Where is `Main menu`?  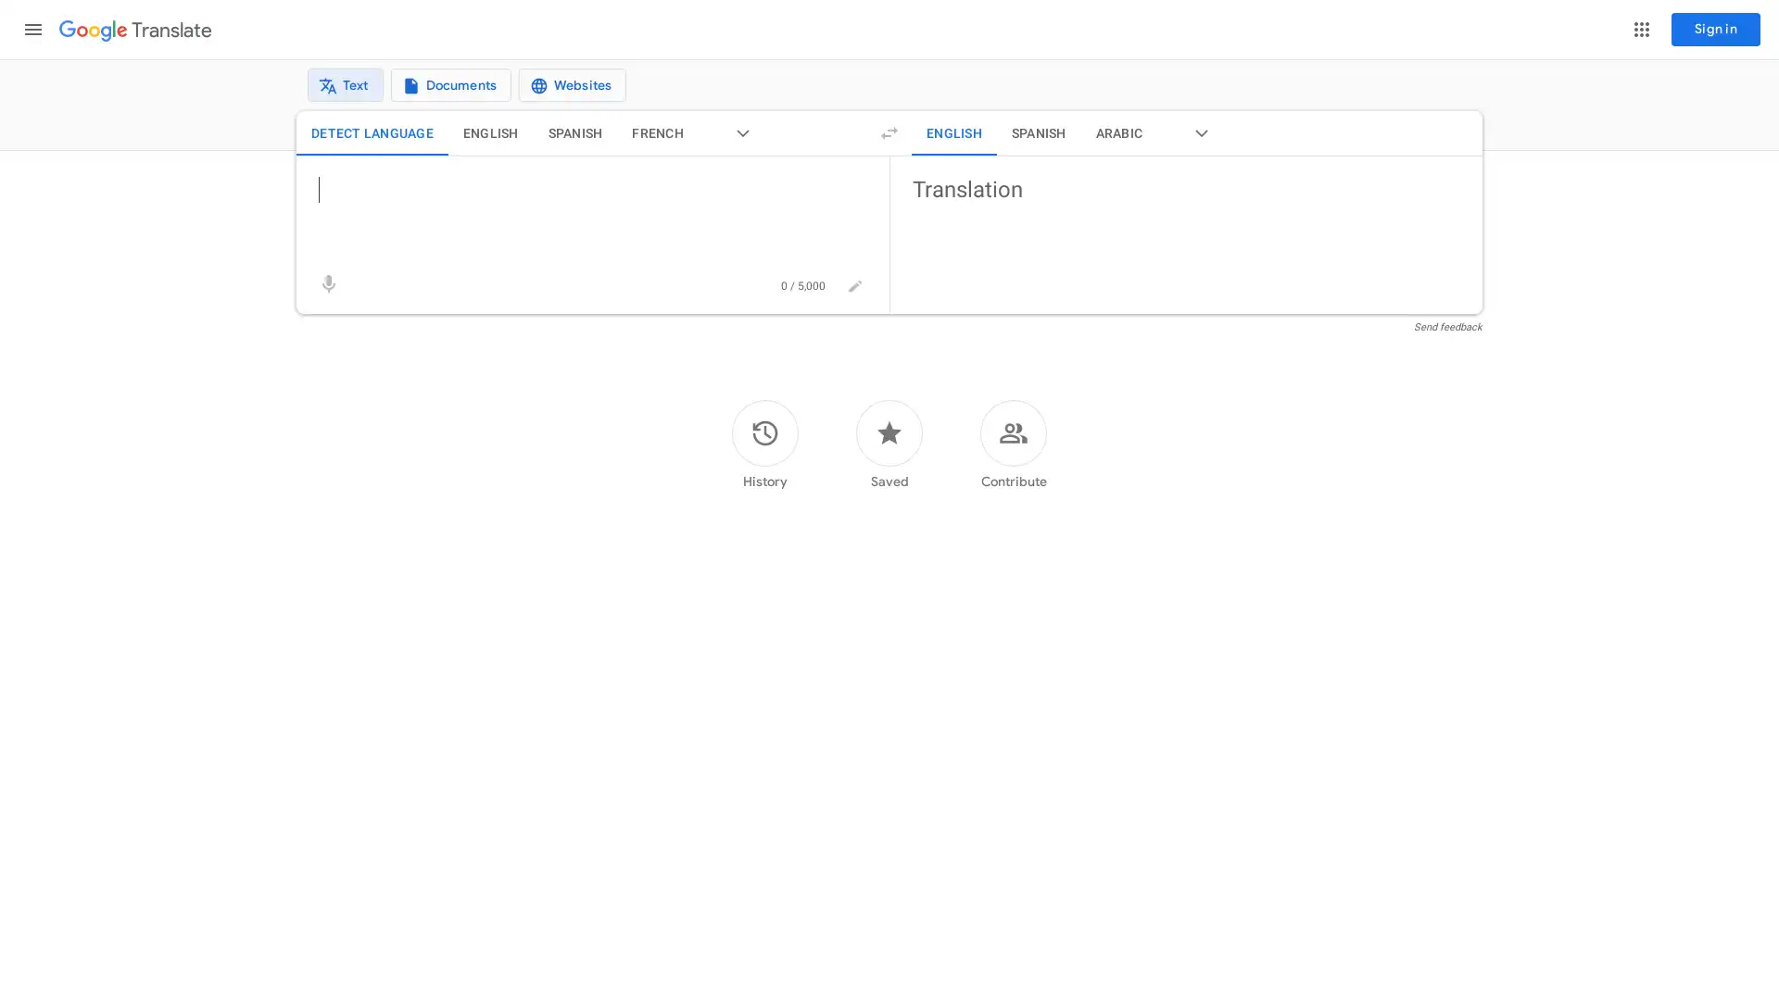
Main menu is located at coordinates (32, 29).